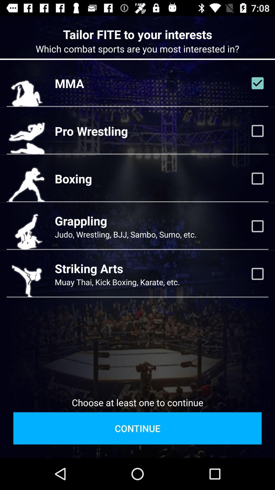 This screenshot has width=275, height=490. Describe the element at coordinates (89, 268) in the screenshot. I see `the striking arts item` at that location.